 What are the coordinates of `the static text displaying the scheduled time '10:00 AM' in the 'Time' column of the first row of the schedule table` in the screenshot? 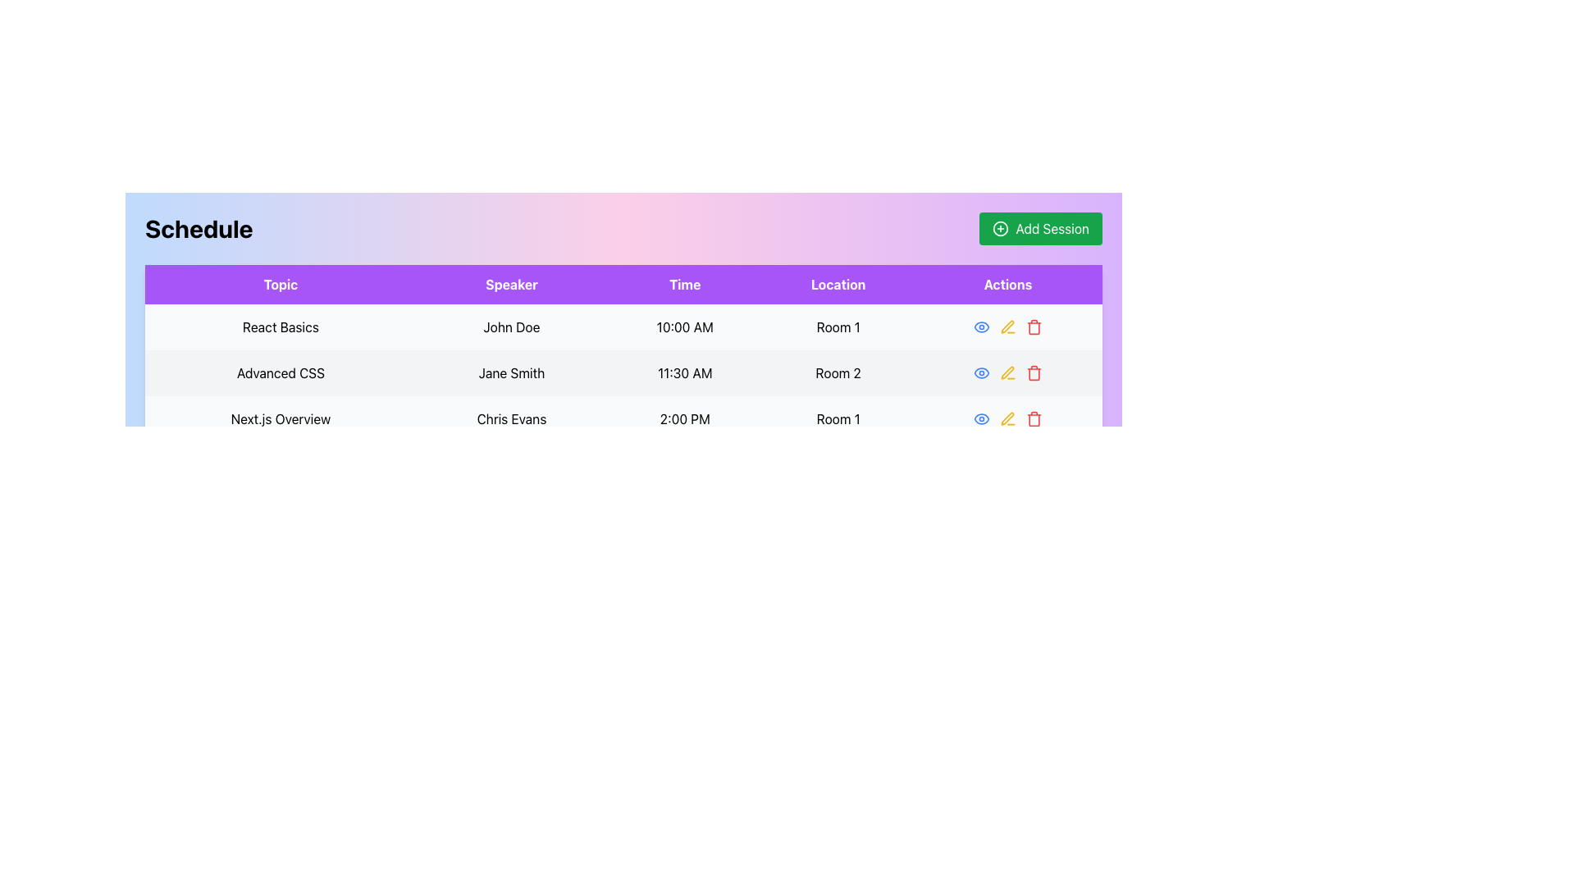 It's located at (685, 327).